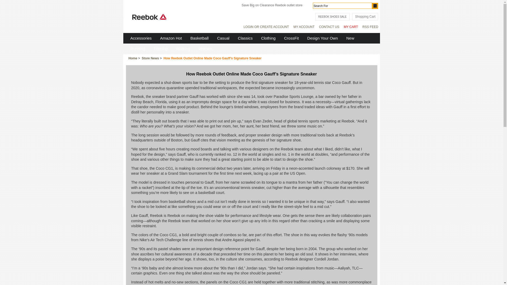 This screenshot has width=507, height=285. I want to click on 'CrossFit', so click(291, 37).